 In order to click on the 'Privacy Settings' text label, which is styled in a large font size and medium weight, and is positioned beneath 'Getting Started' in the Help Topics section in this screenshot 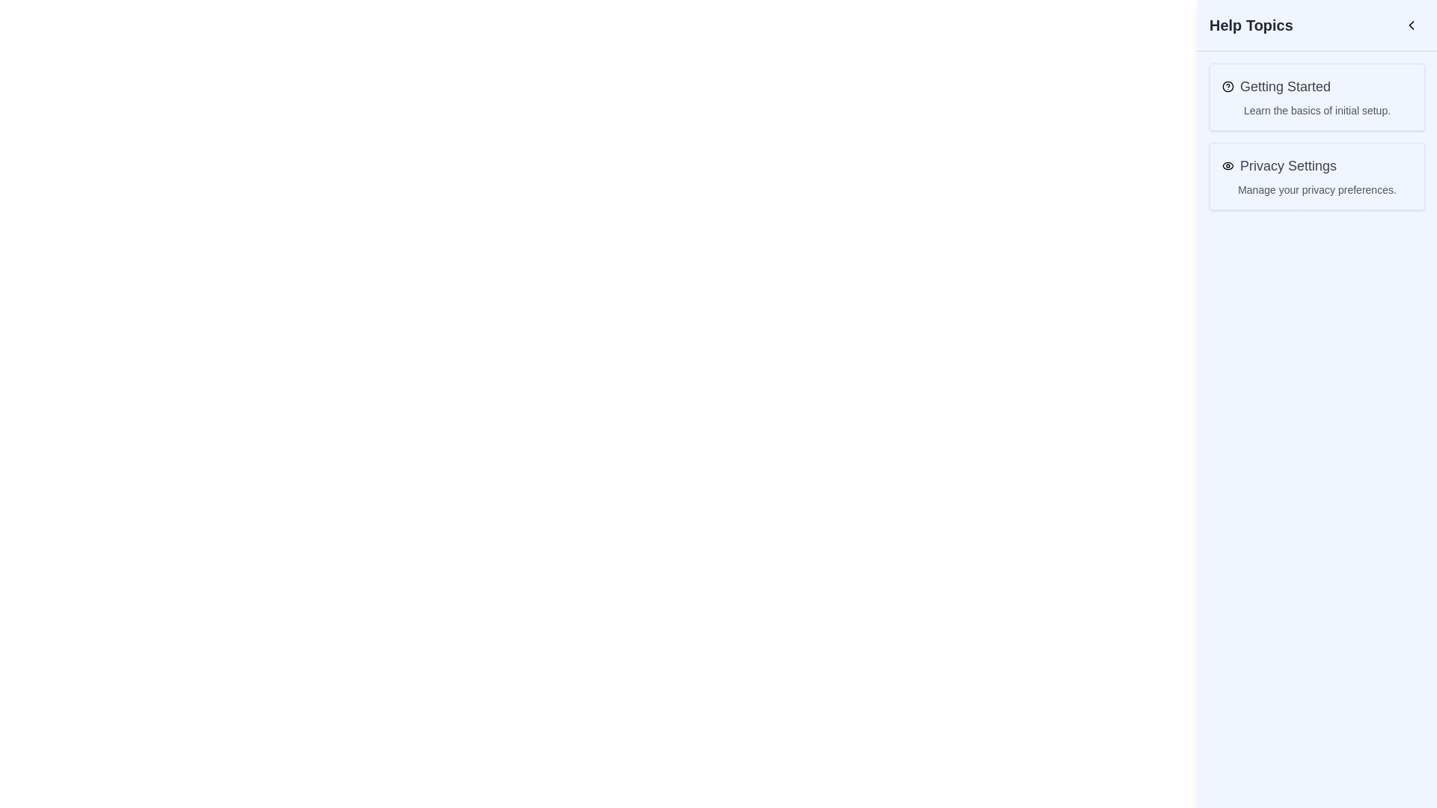, I will do `click(1287, 166)`.